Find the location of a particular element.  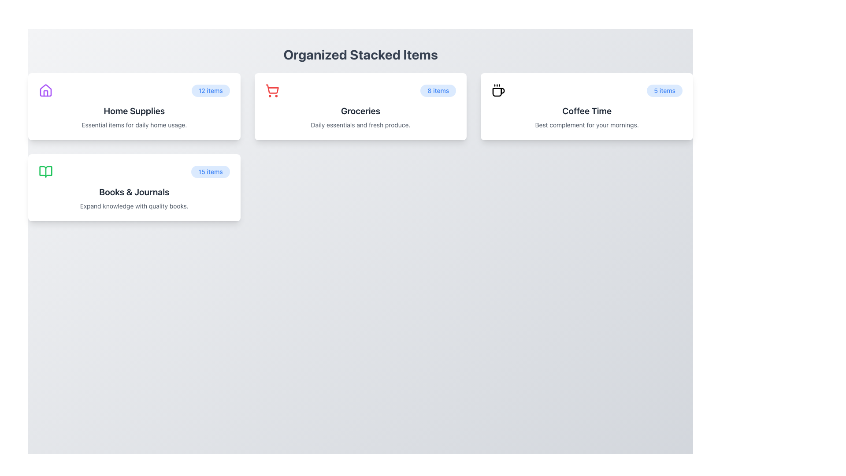

the decorative icon associated with the 'Coffee Time' category, located to the left of the 'Coffee Time' text is located at coordinates (498, 90).